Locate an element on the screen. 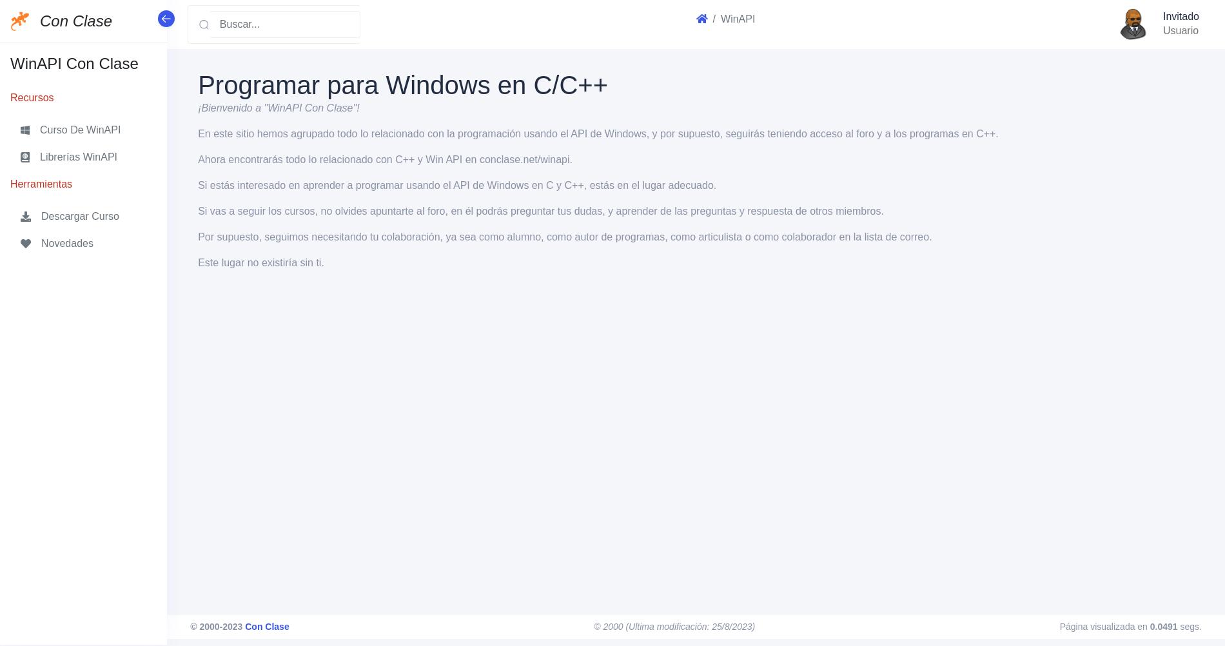 The height and width of the screenshot is (646, 1225). 'Si estás interesado en aprender a programar usando el API de Windows en C y C++,
  estás en el lugar adecuado.' is located at coordinates (457, 184).